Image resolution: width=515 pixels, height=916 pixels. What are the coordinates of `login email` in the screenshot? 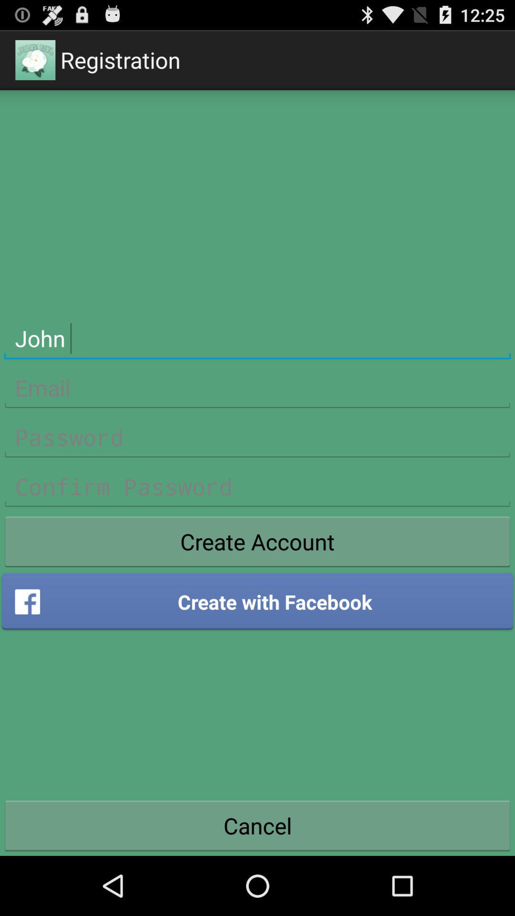 It's located at (257, 388).